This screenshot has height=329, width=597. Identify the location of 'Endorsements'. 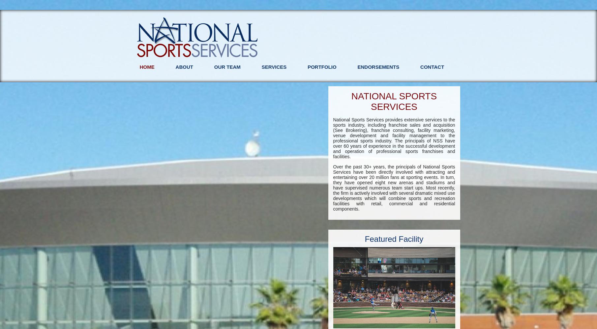
(378, 66).